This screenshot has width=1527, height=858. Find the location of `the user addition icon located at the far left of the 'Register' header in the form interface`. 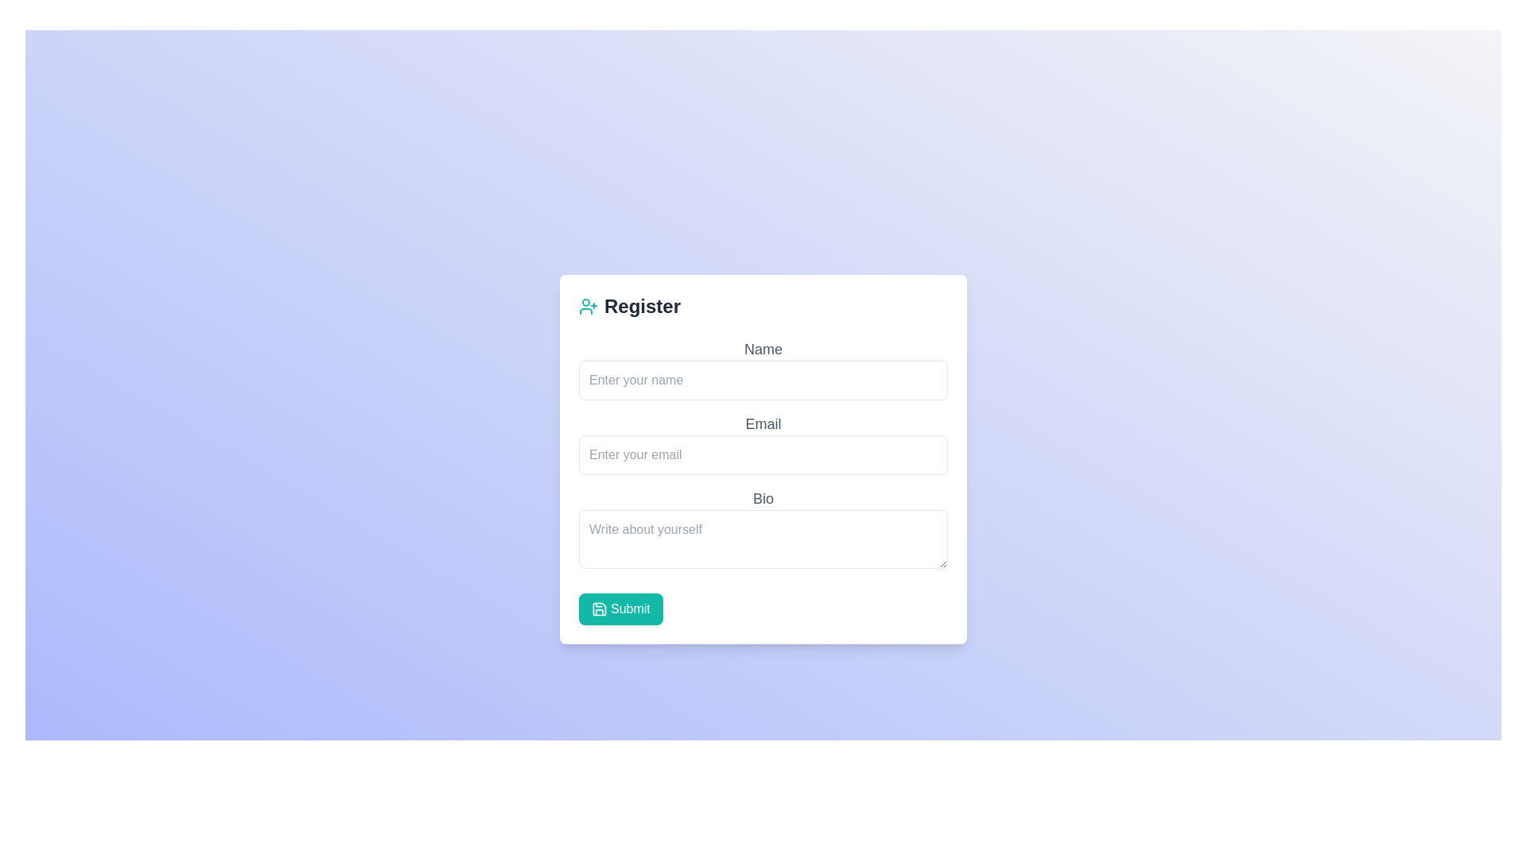

the user addition icon located at the far left of the 'Register' header in the form interface is located at coordinates (587, 306).